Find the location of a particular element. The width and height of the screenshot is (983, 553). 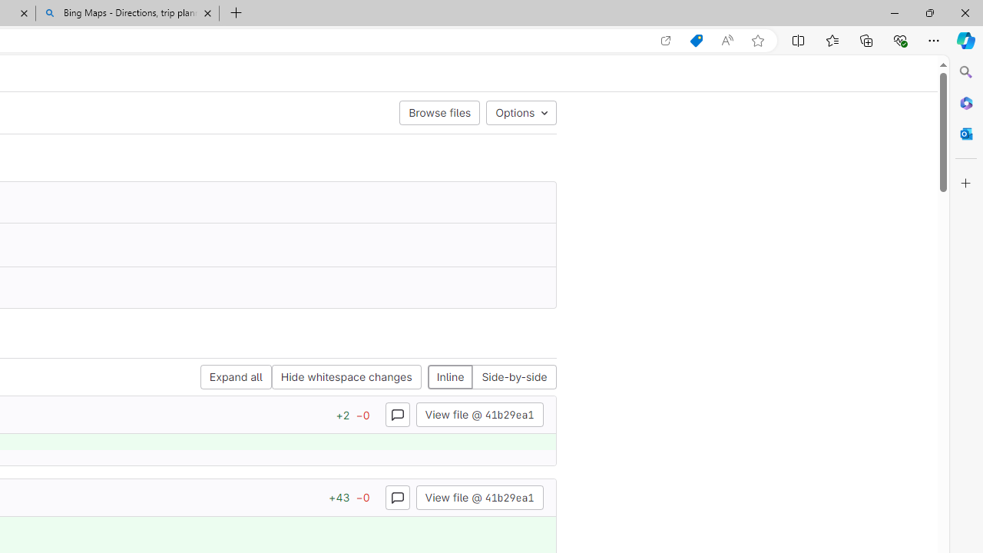

'Browse files' is located at coordinates (439, 111).